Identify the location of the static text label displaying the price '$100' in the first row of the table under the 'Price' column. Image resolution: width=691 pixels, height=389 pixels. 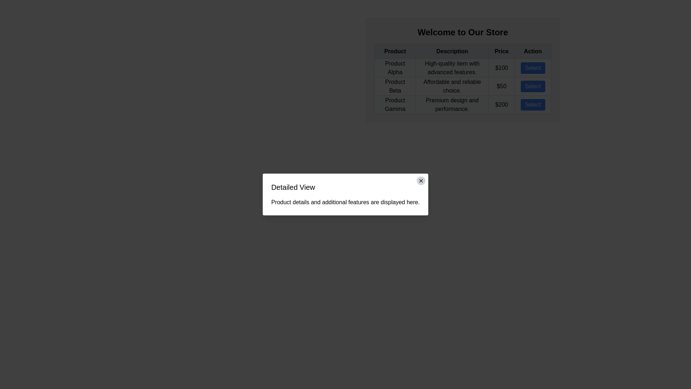
(501, 68).